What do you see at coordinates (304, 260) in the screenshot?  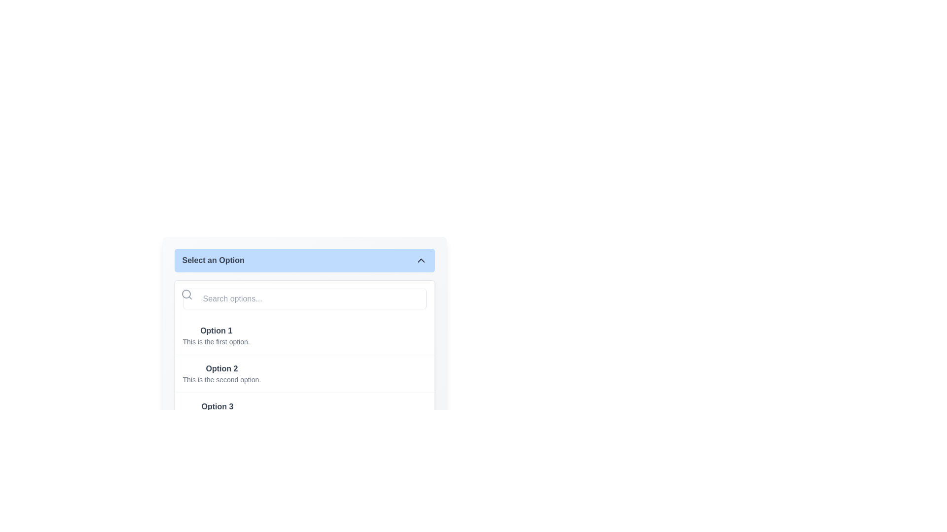 I see `the Dropdown trigger button labeled 'Select an Option'` at bounding box center [304, 260].